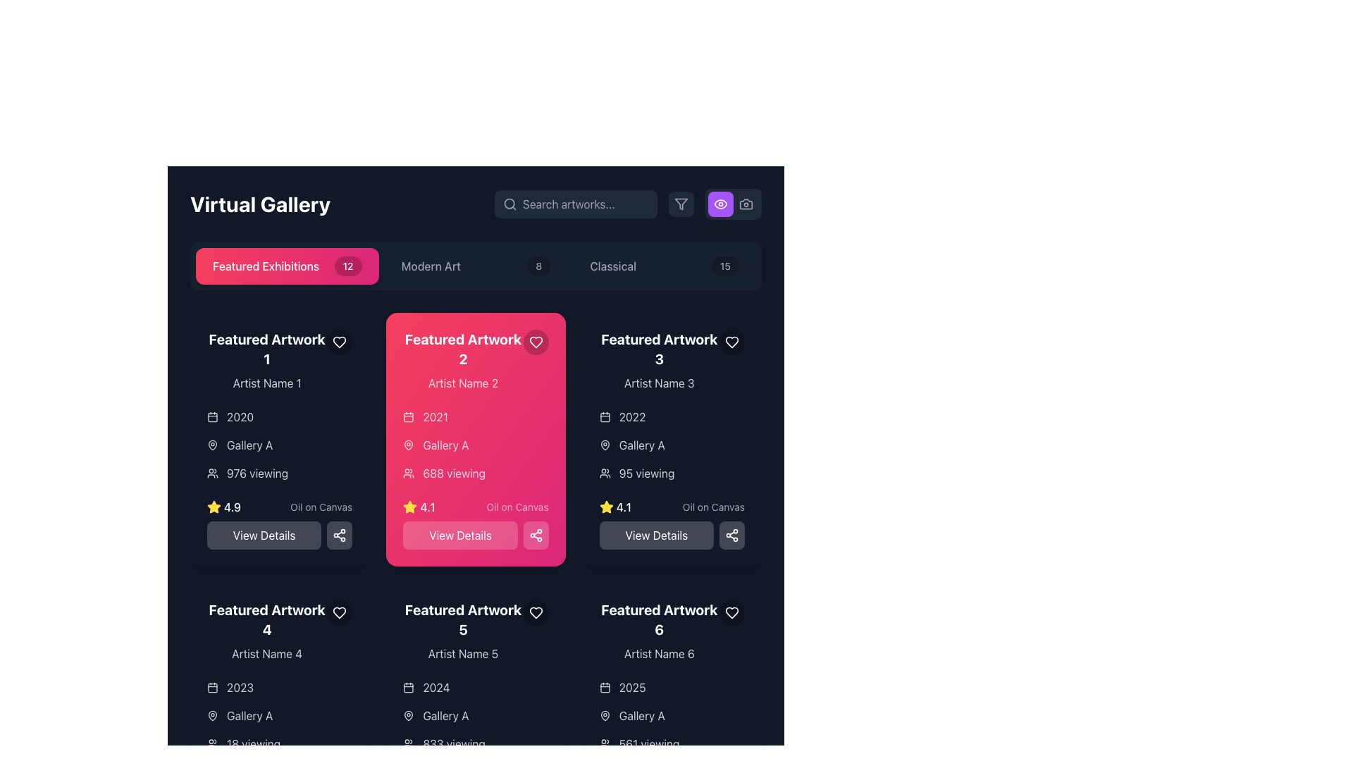 The height and width of the screenshot is (761, 1353). What do you see at coordinates (340, 535) in the screenshot?
I see `the share button located at the bottom right of the 'Featured Artwork 2' card to trigger a tooltip or visual effect` at bounding box center [340, 535].